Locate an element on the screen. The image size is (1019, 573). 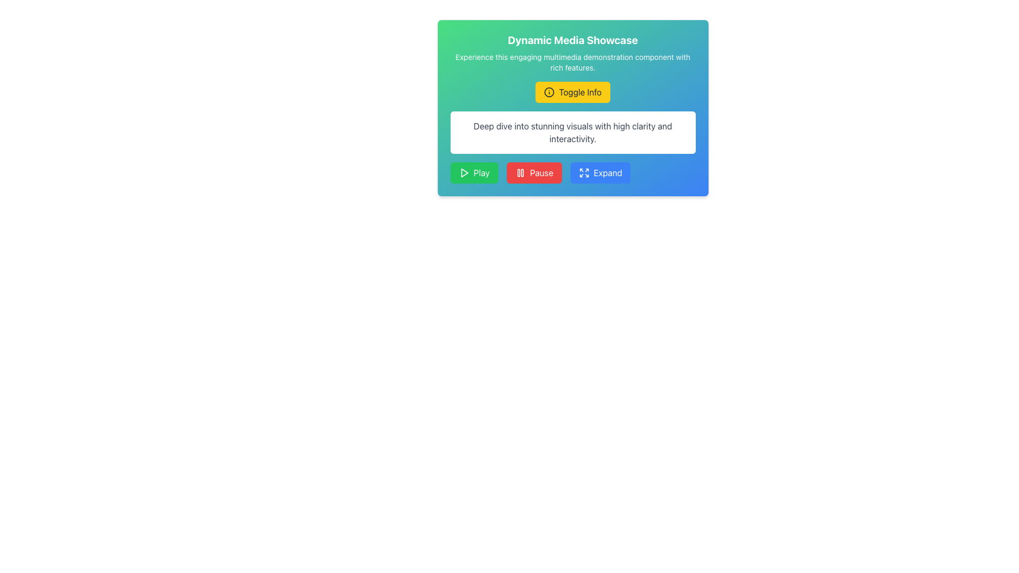
the triangular 'play' icon located within the green 'Play' button at the bottom left of the interface to initiate the play function is located at coordinates (464, 172).